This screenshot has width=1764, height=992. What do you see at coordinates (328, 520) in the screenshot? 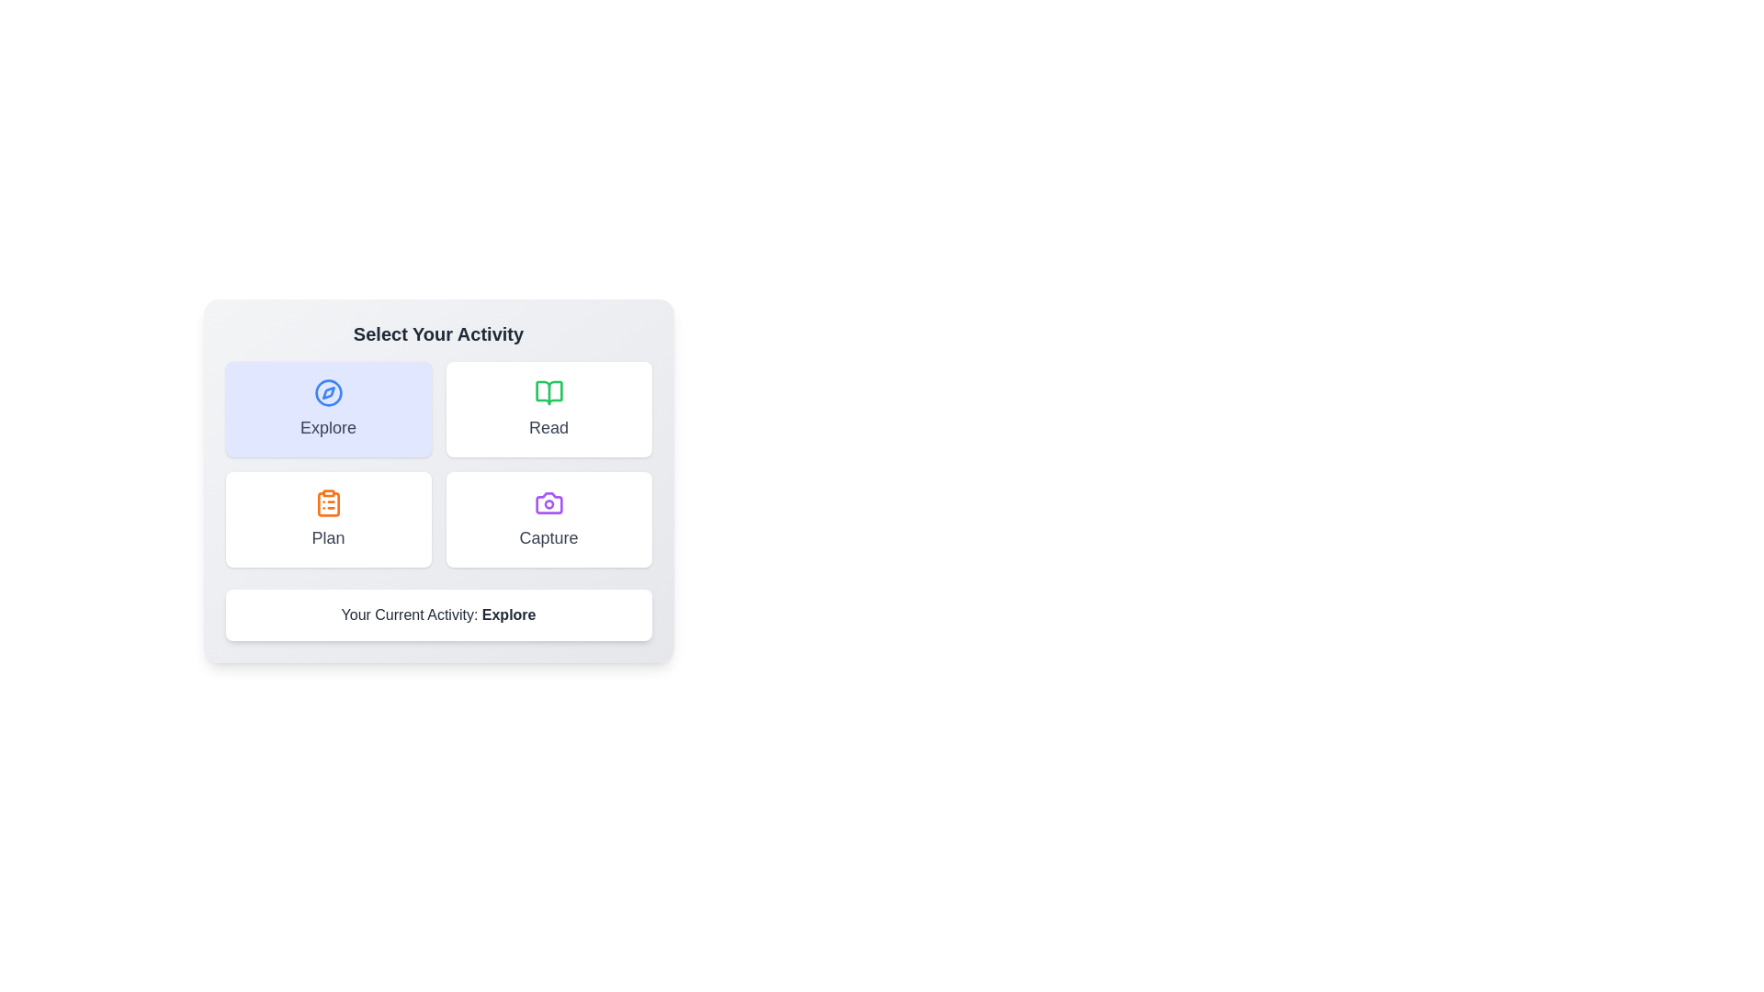
I see `the button labeled Plan to observe its visual feedback` at bounding box center [328, 520].